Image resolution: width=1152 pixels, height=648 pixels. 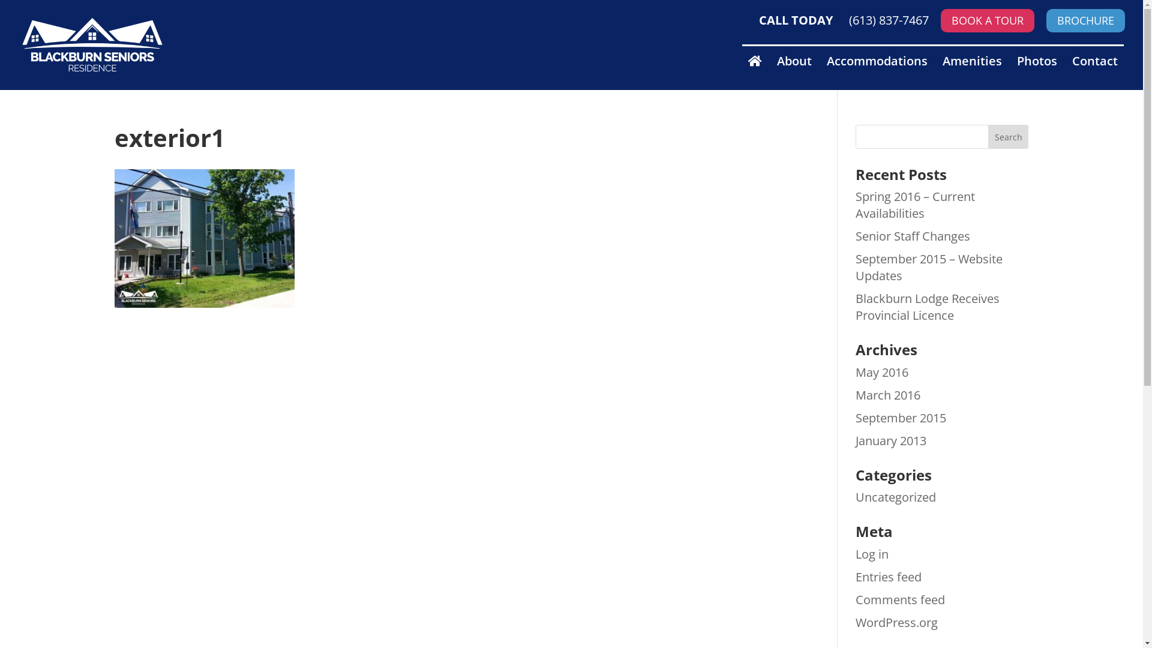 I want to click on 'Contact', so click(x=1094, y=72).